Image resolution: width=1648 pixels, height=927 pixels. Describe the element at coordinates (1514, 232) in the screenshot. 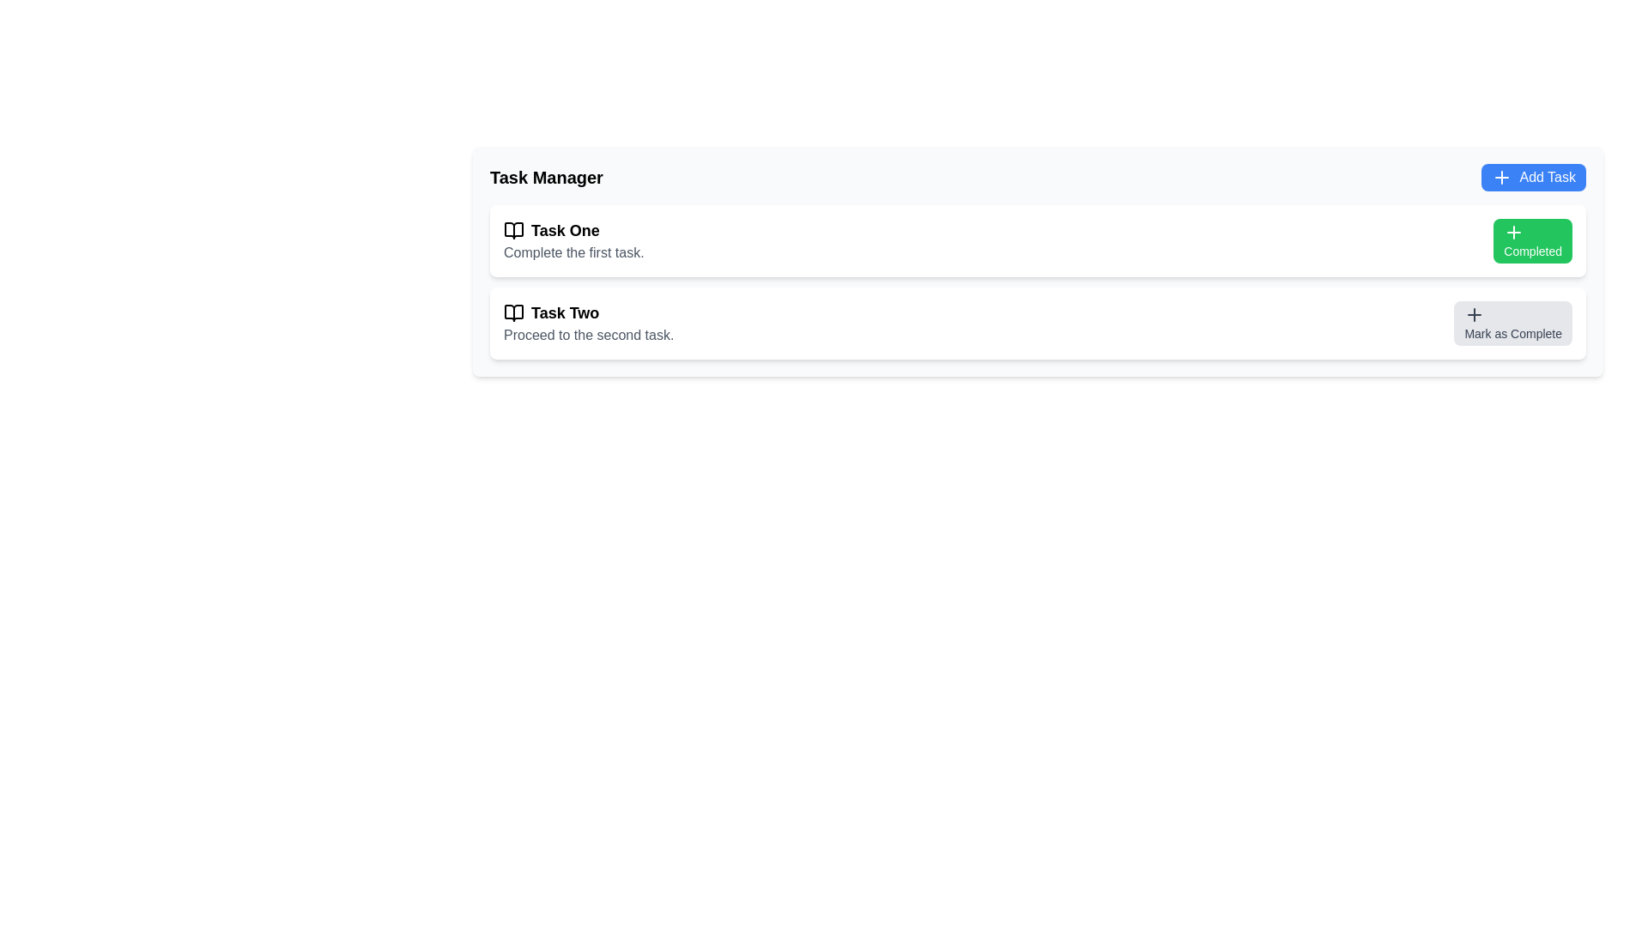

I see `the plus-shaped icon located inside the green button labeled 'Completed' in the 'Task One' row of the task list` at that location.